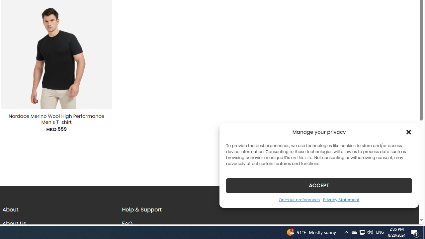 This screenshot has width=425, height=239. What do you see at coordinates (14, 223) in the screenshot?
I see `'About Us'` at bounding box center [14, 223].